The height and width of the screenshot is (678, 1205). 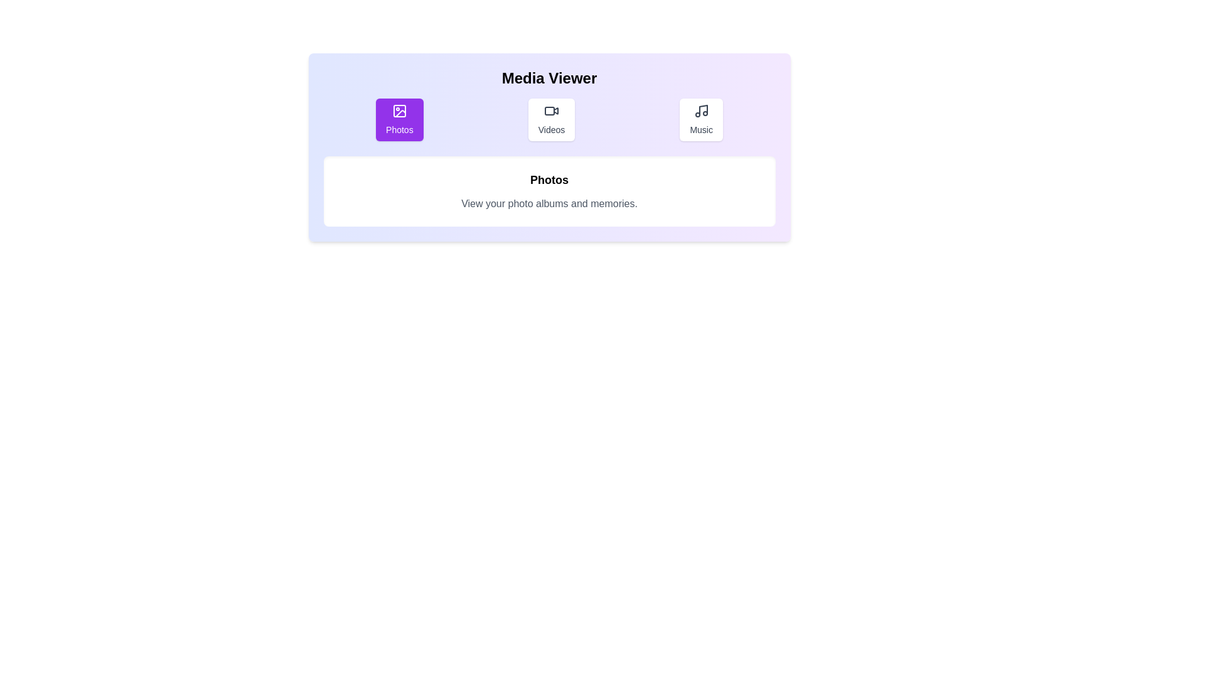 What do you see at coordinates (551, 120) in the screenshot?
I see `the Videos tab to view its content` at bounding box center [551, 120].